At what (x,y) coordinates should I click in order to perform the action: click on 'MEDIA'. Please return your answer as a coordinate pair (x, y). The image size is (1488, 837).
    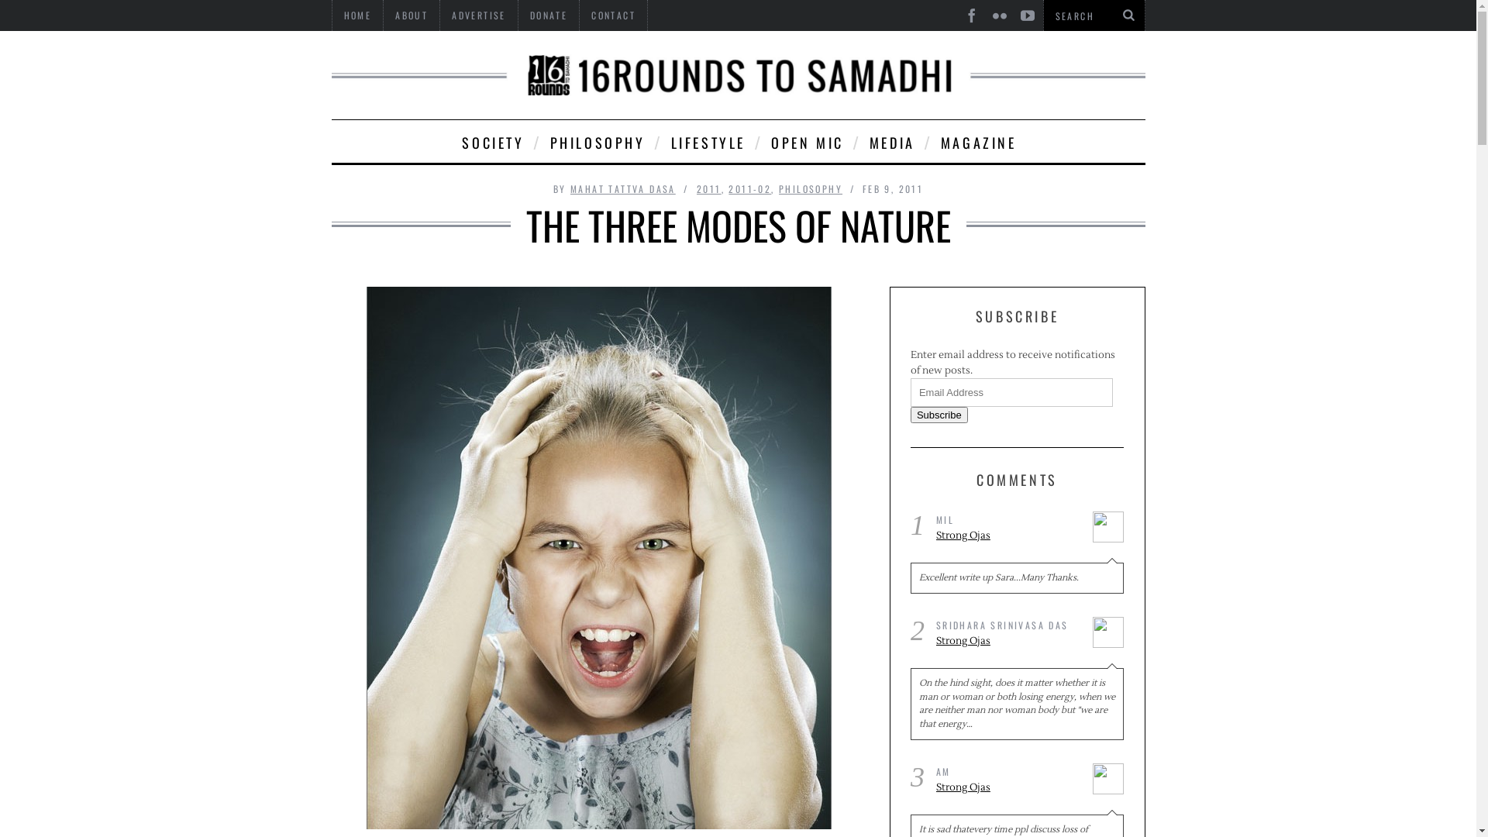
    Looking at the image, I should click on (891, 141).